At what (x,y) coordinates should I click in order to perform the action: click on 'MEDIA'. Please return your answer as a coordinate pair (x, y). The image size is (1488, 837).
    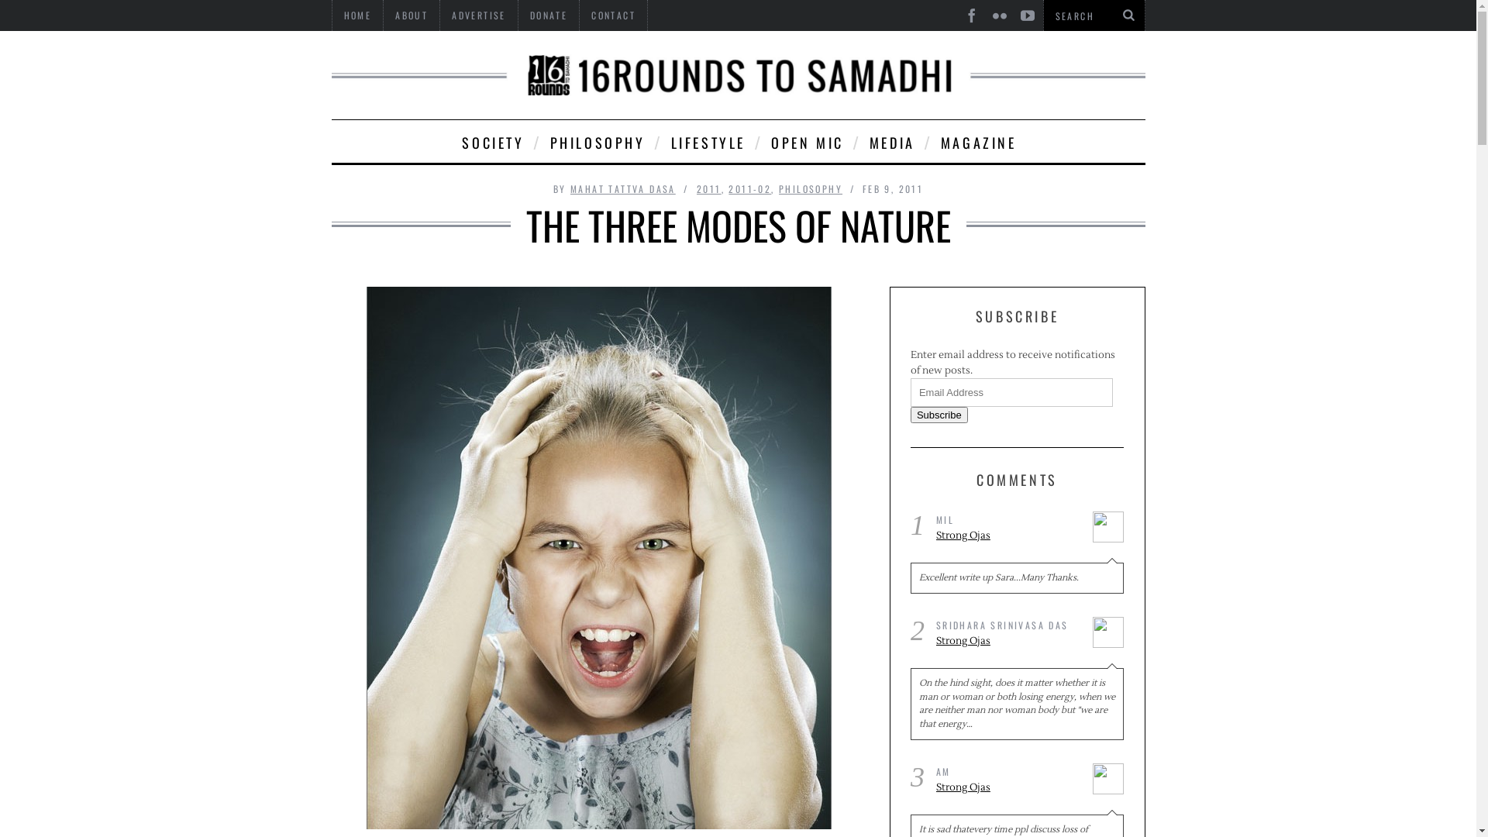
    Looking at the image, I should click on (891, 141).